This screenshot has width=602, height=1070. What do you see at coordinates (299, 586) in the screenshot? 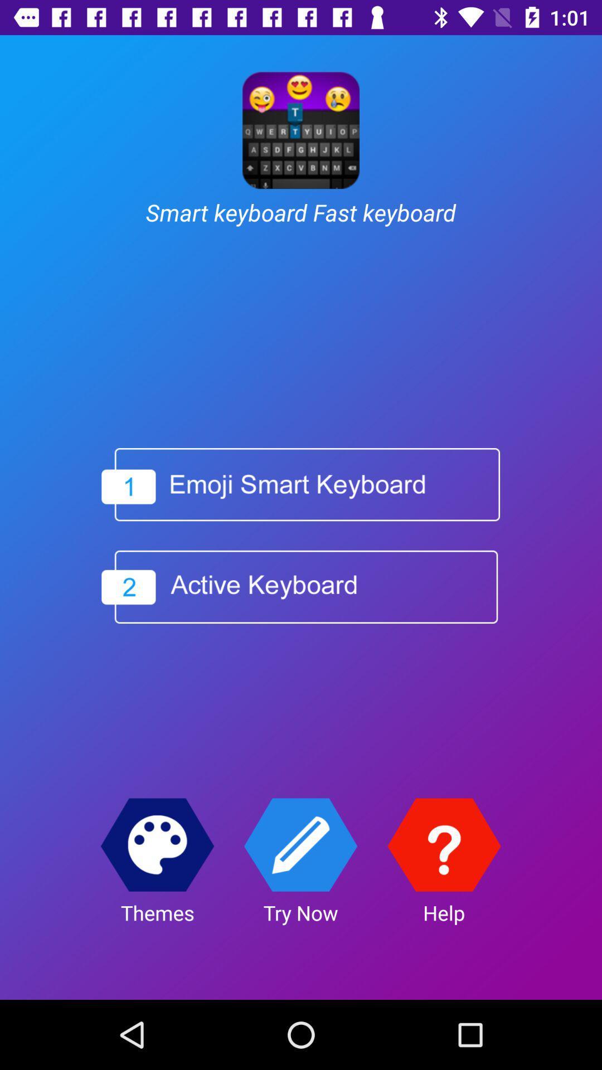
I see `active keyboard` at bounding box center [299, 586].